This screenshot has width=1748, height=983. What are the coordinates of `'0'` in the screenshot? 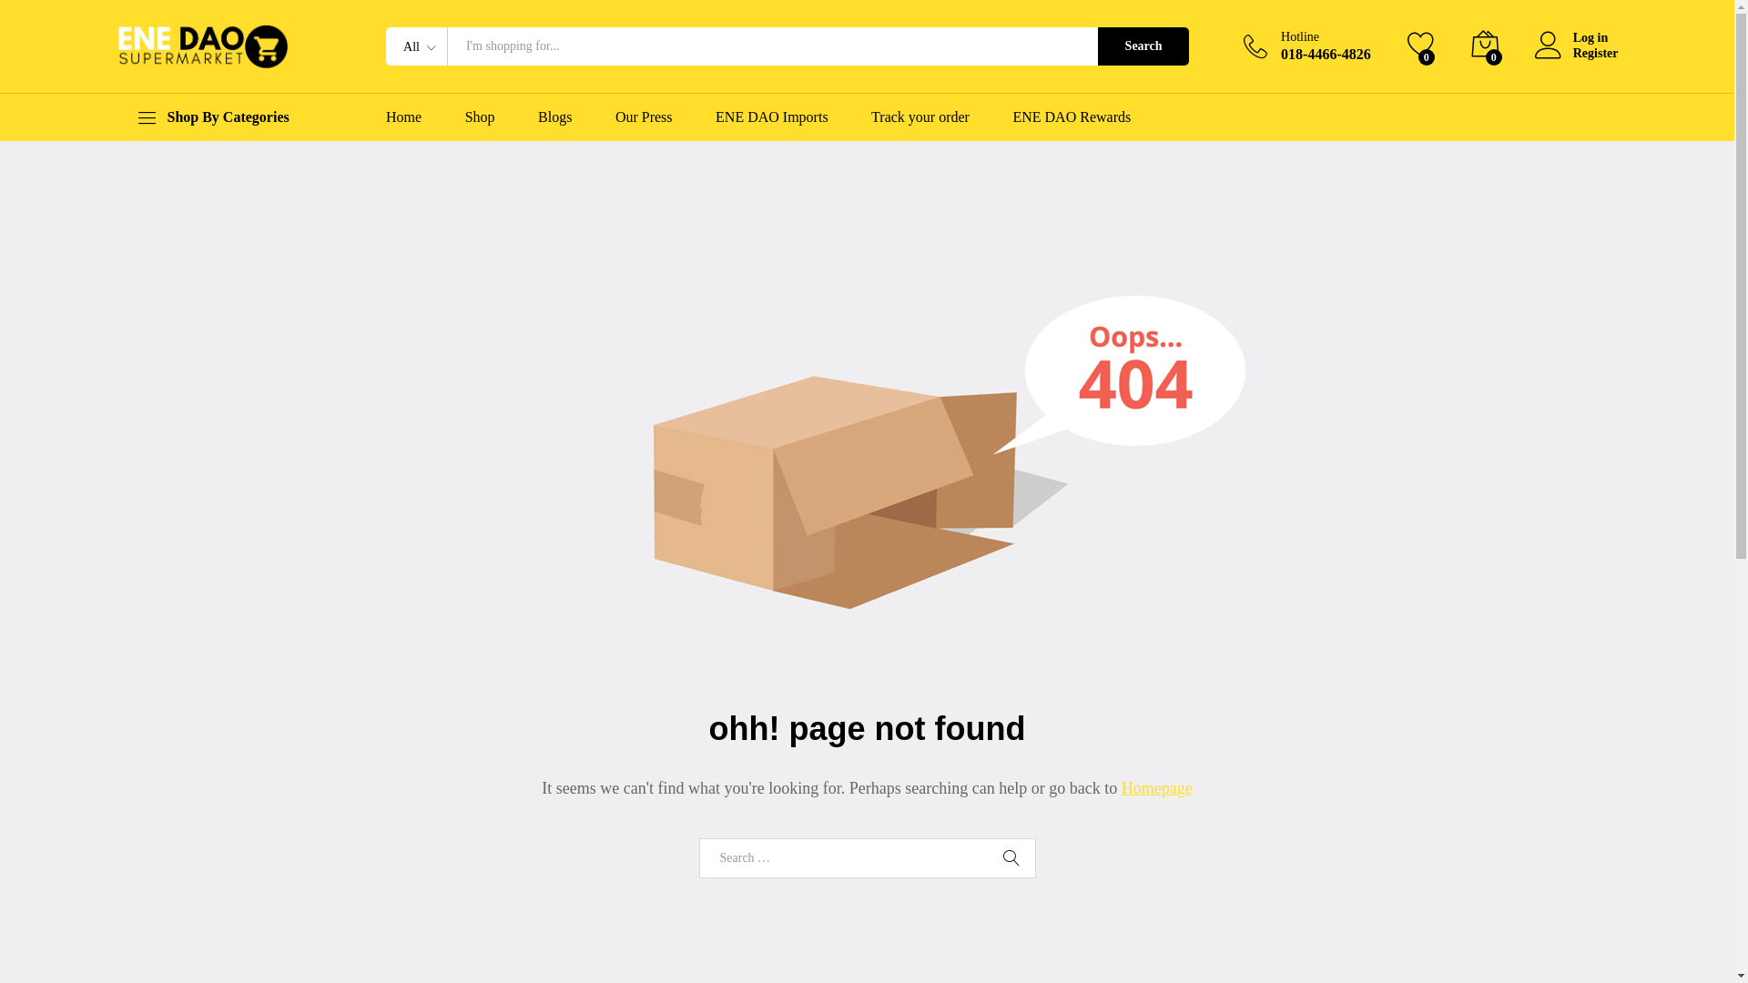 It's located at (1419, 45).